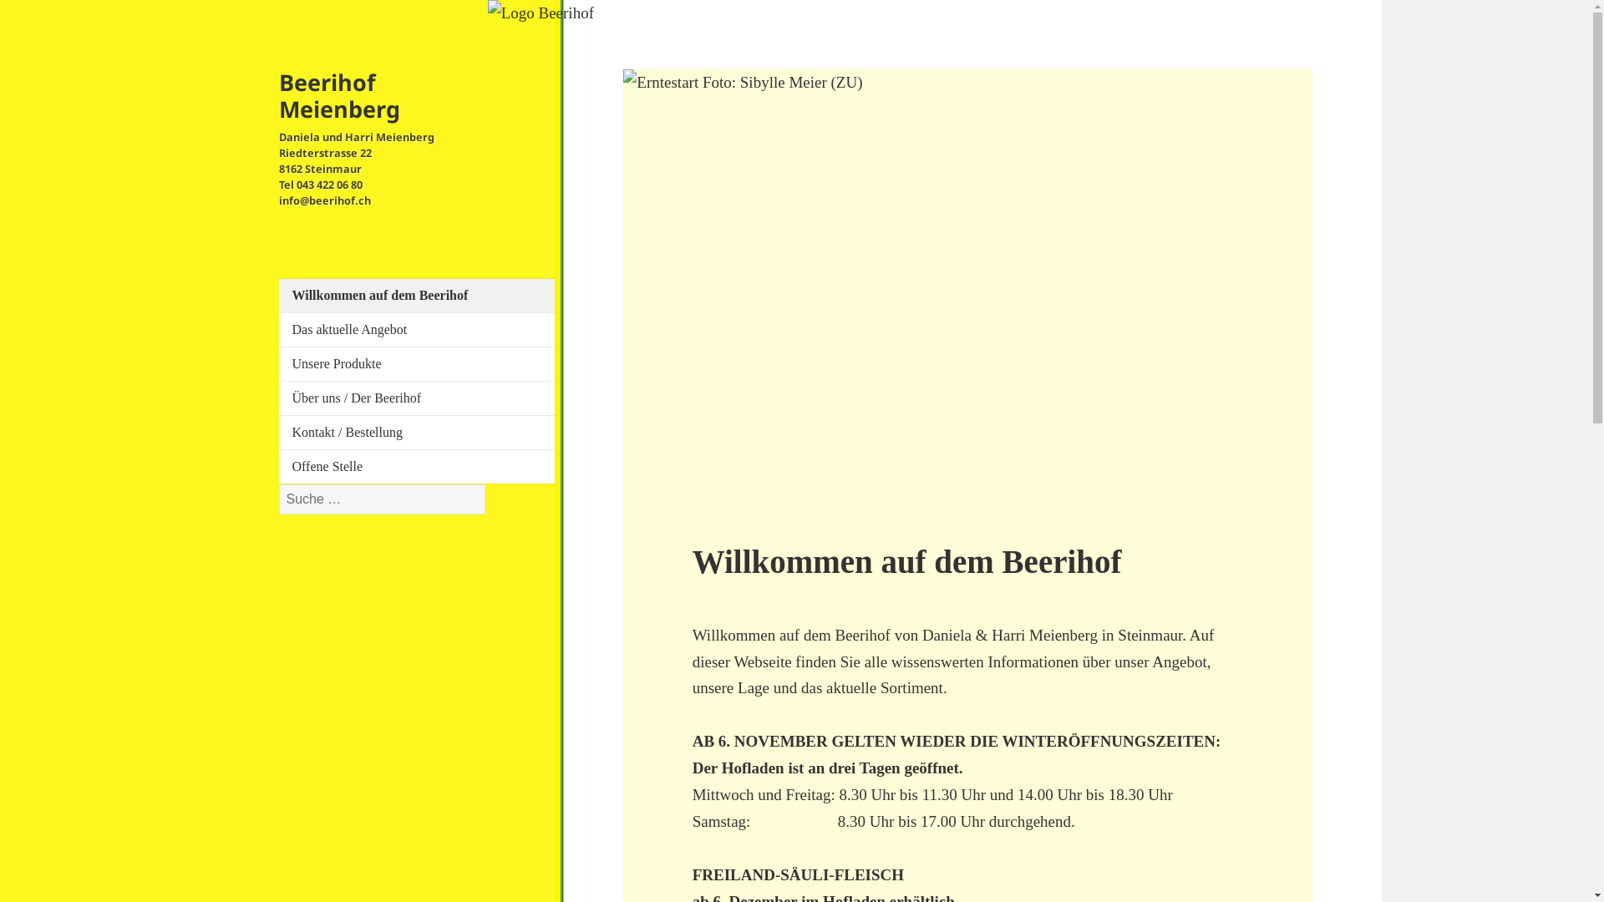 The height and width of the screenshot is (902, 1604). I want to click on 'info@beerihof.ch', so click(324, 199).